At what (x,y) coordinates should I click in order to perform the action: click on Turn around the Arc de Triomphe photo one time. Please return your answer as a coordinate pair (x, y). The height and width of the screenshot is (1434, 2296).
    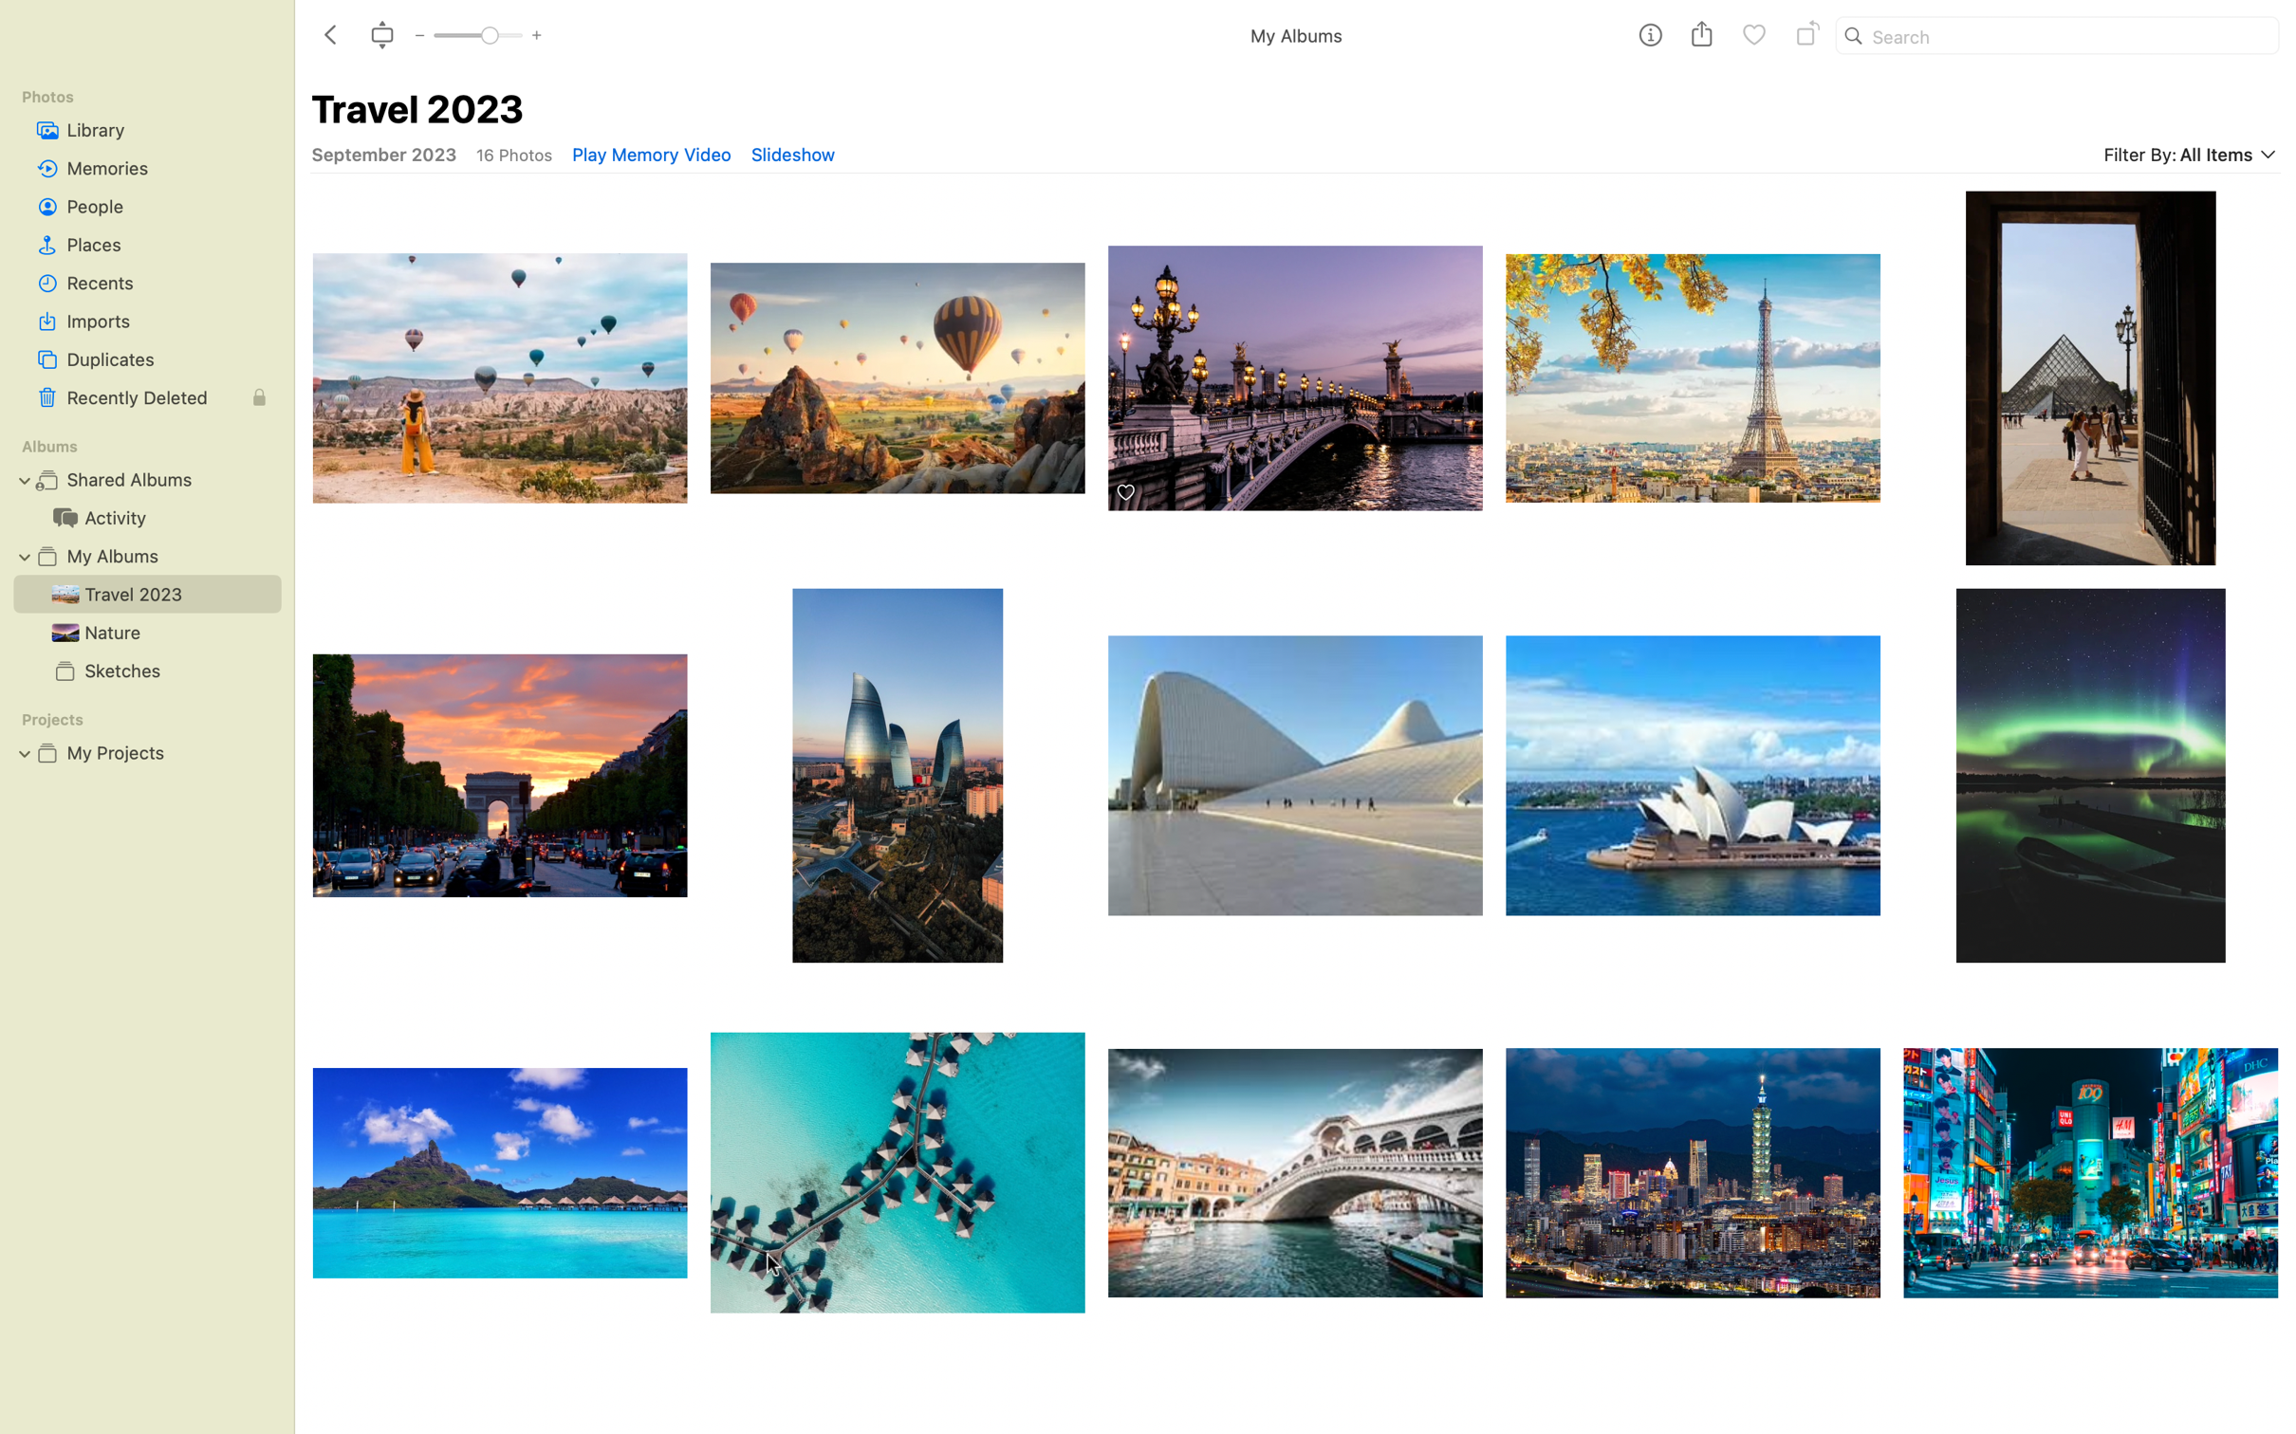
    Looking at the image, I should click on (496, 776).